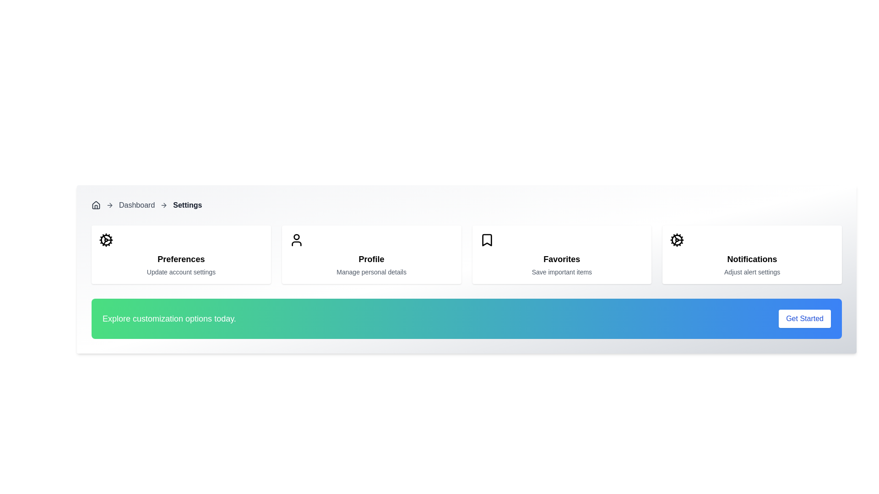 The image size is (879, 494). I want to click on outer circular shape of the cogwheel icon located at the top-left corner of the Notifications card in the grid layout using developer tools, so click(677, 239).